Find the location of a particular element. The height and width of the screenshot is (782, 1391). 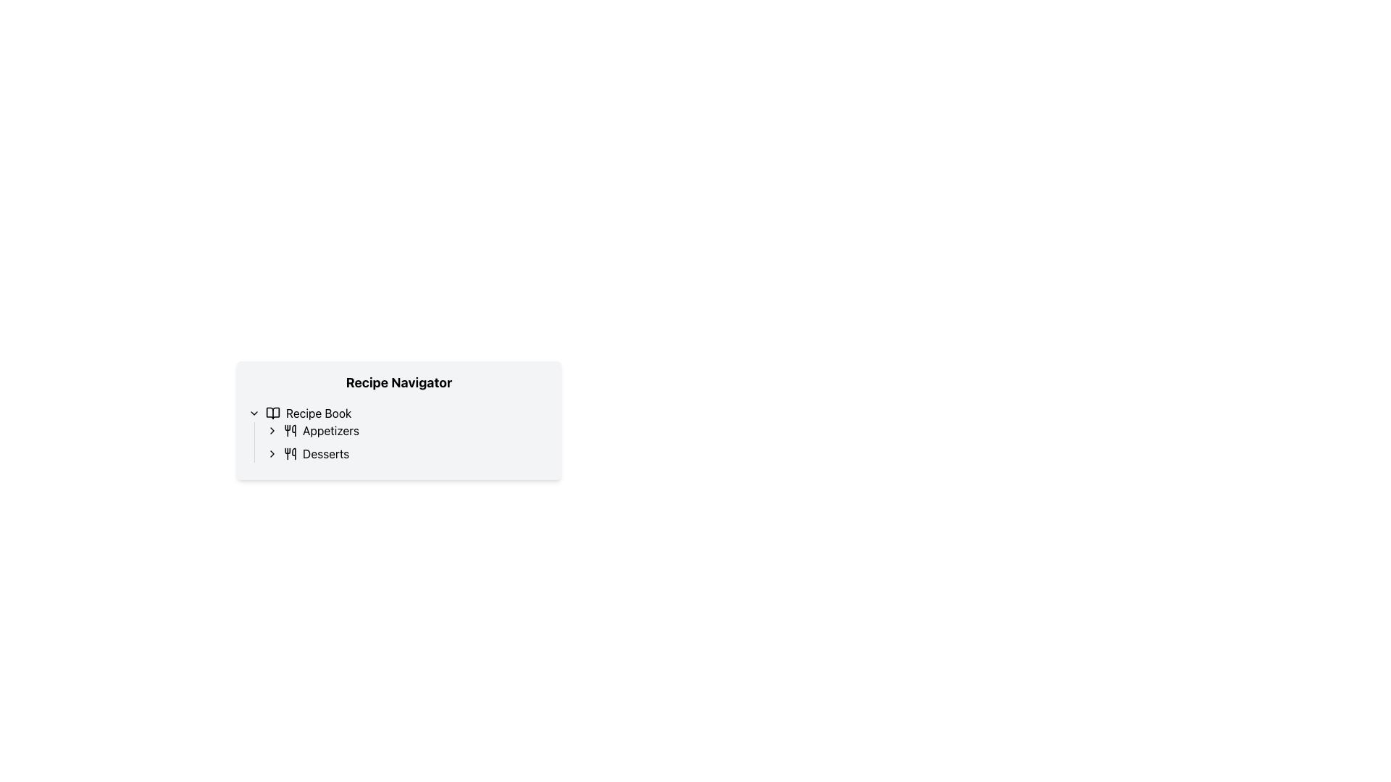

the utensil icon (fork and spoon design) located is located at coordinates (290, 429).